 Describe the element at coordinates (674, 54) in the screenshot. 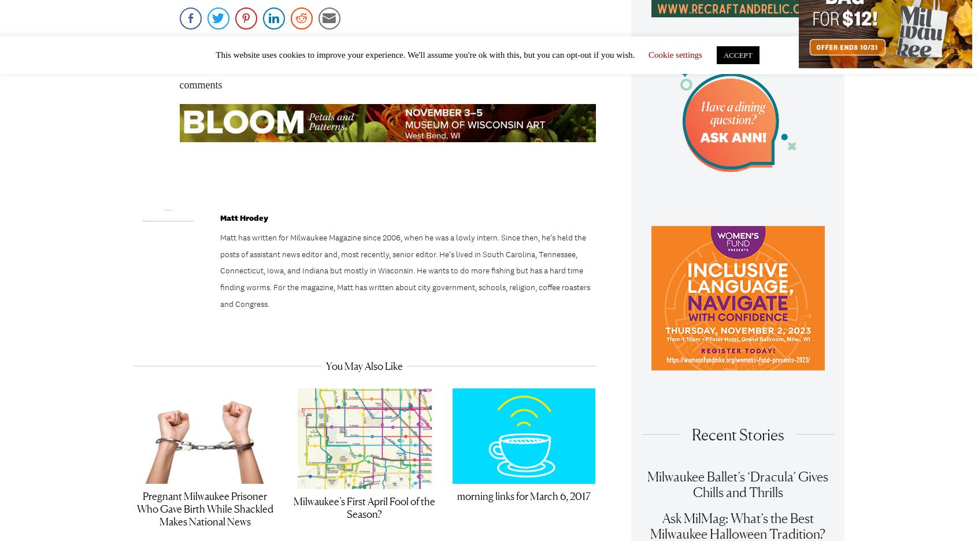

I see `'Cookie settings'` at that location.